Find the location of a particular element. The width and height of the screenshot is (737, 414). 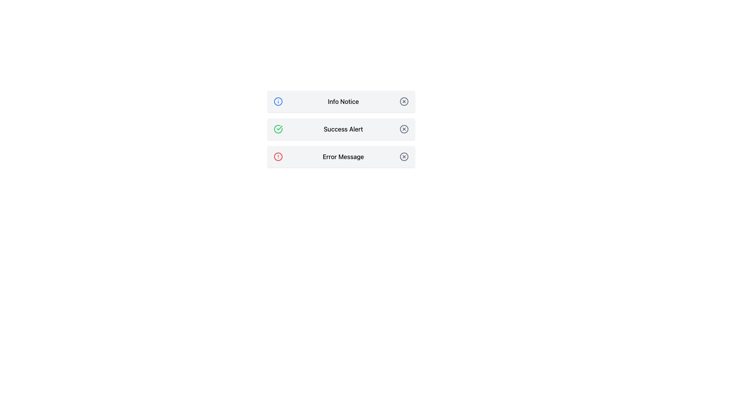

the informational icon located in the uppermost notification card to the left of the 'Info Notice' text label is located at coordinates (278, 101).